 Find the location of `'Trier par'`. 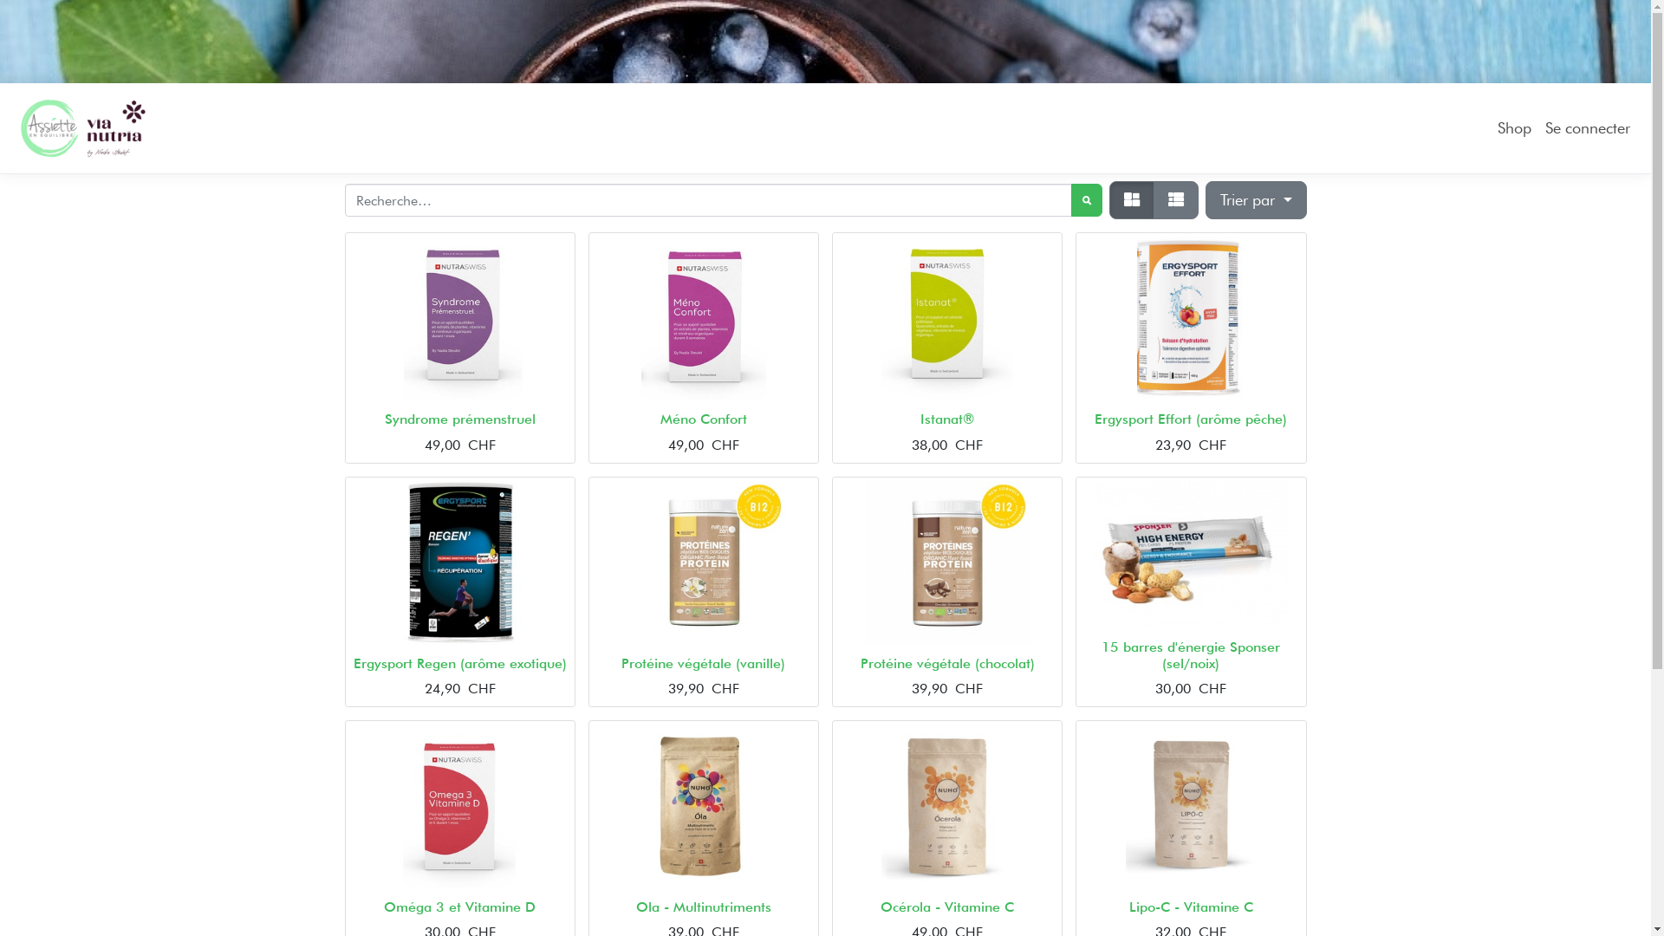

'Trier par' is located at coordinates (1256, 199).